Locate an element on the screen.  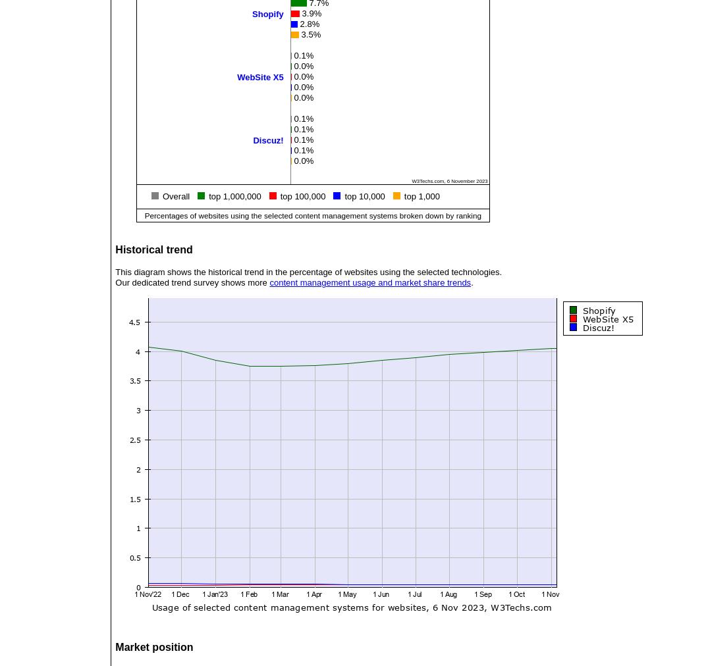
'Market position' is located at coordinates (153, 647).